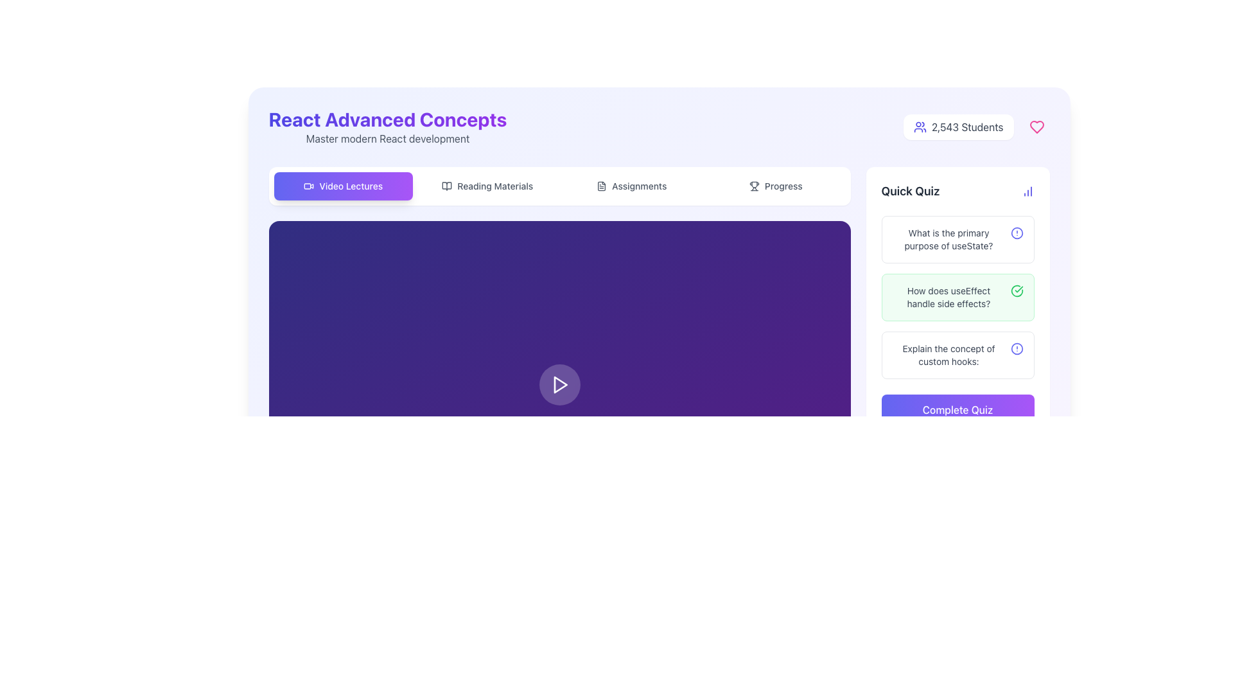 This screenshot has width=1233, height=694. I want to click on the 'Reading Materials' button, so click(487, 186).